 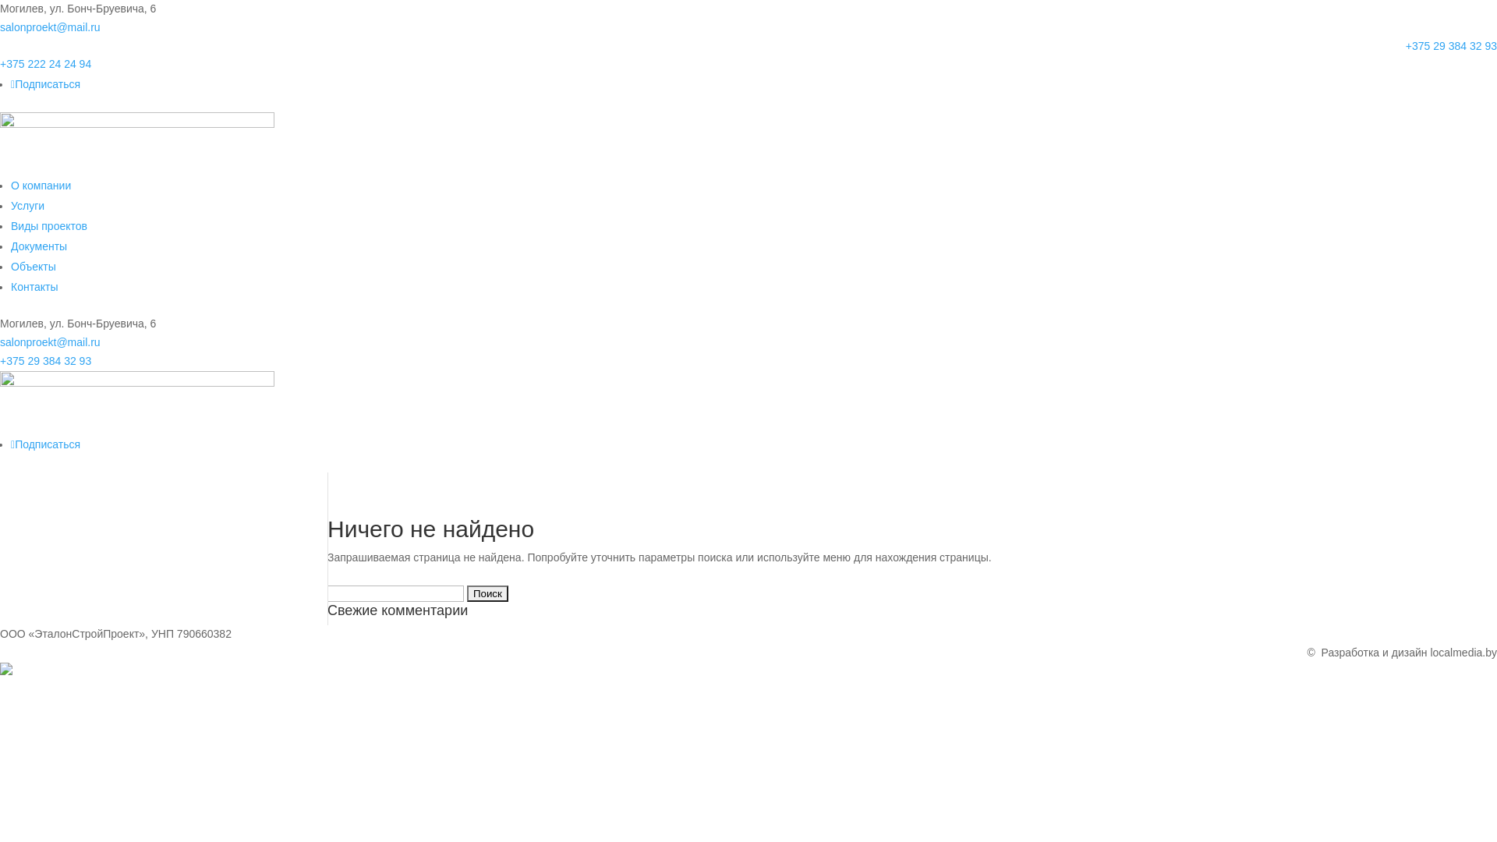 I want to click on 'salonproekt@mail.ru', so click(x=50, y=27).